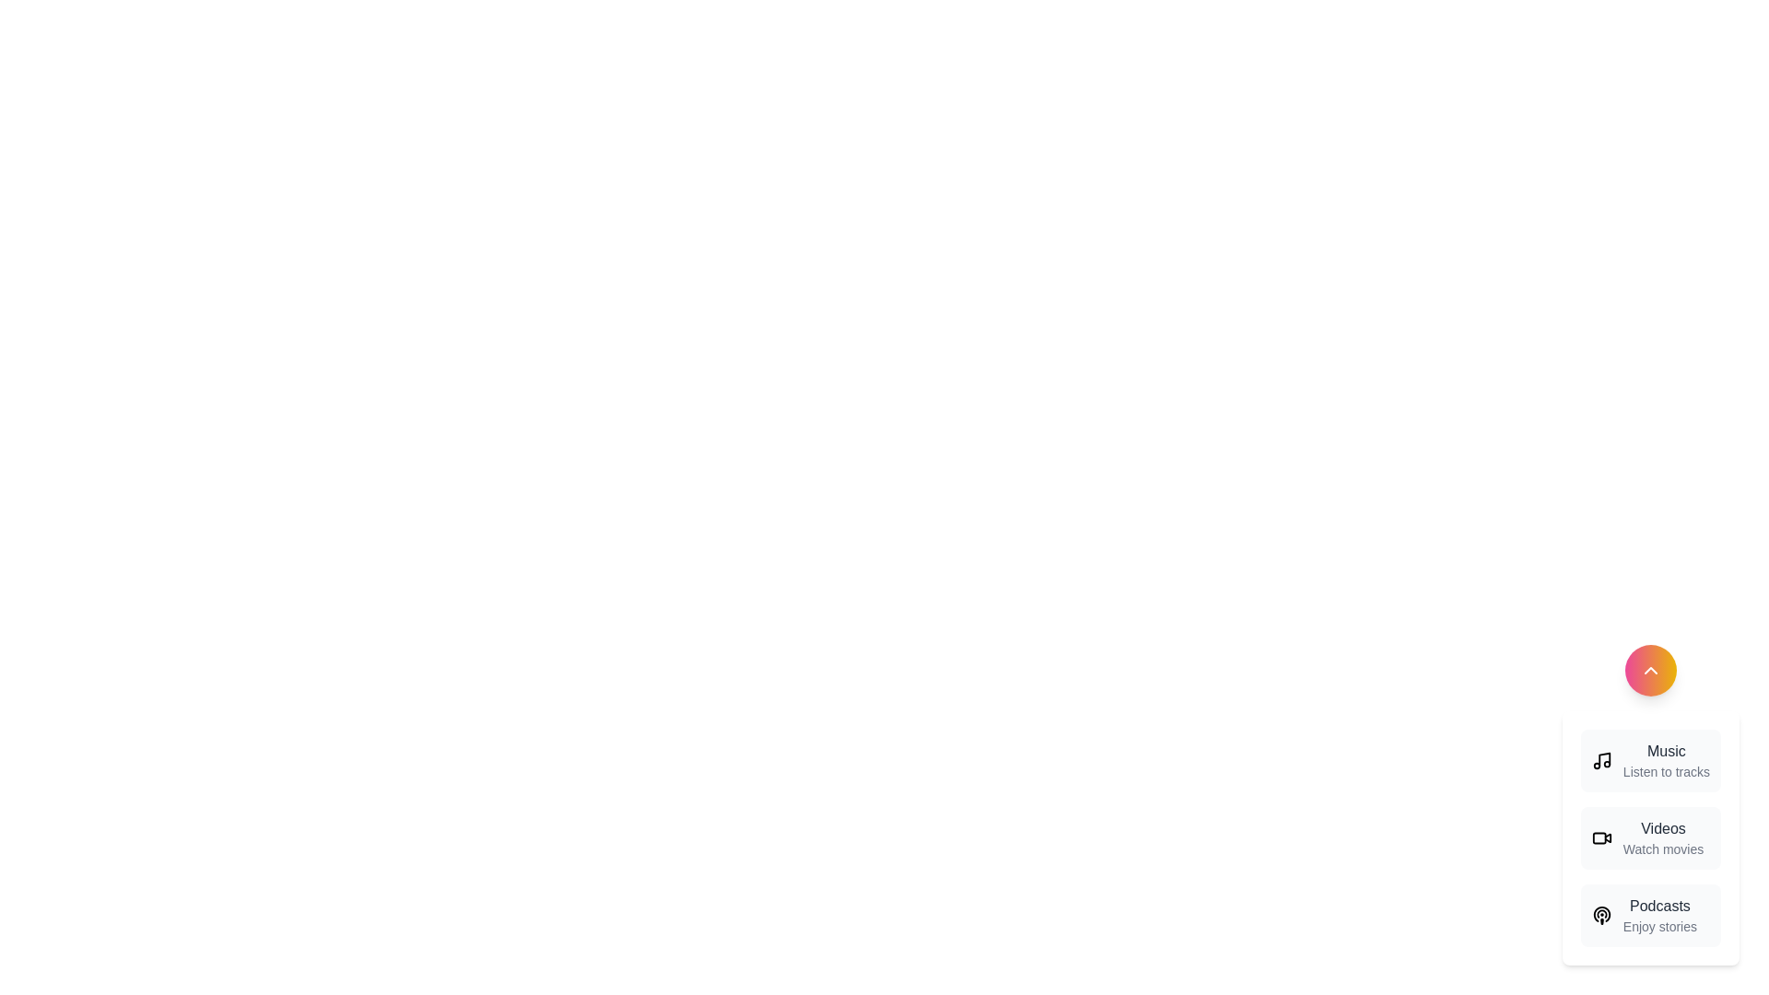 This screenshot has width=1769, height=995. What do you see at coordinates (1659, 916) in the screenshot?
I see `the 'Podcasts' option in the MediaSpeedDial menu` at bounding box center [1659, 916].